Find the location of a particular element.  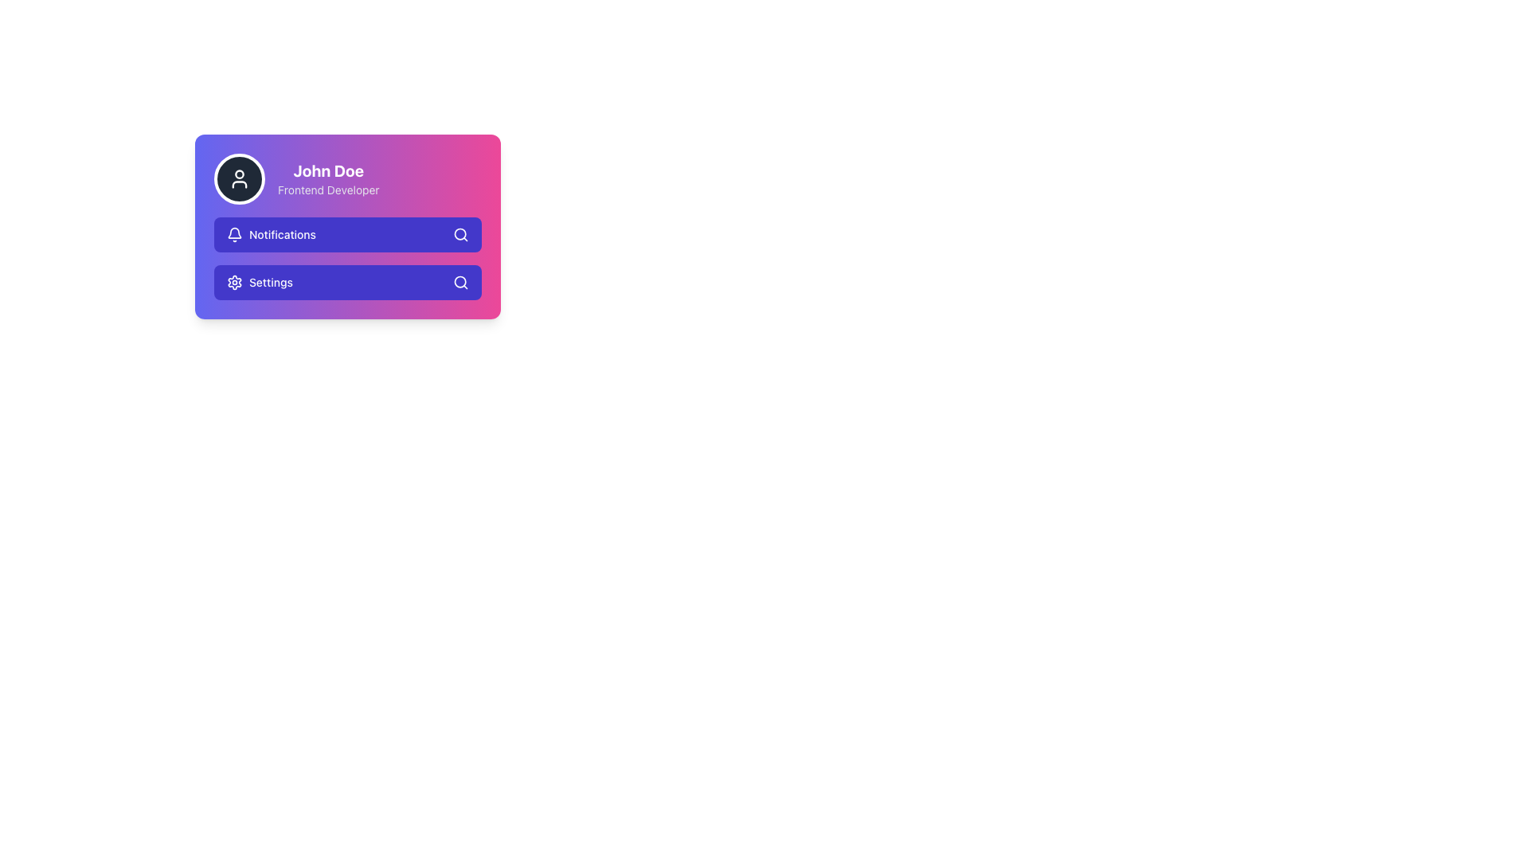

the bell-shaped notification icon located above the text 'Notifications' in the top action section of the card interface is located at coordinates (233, 233).